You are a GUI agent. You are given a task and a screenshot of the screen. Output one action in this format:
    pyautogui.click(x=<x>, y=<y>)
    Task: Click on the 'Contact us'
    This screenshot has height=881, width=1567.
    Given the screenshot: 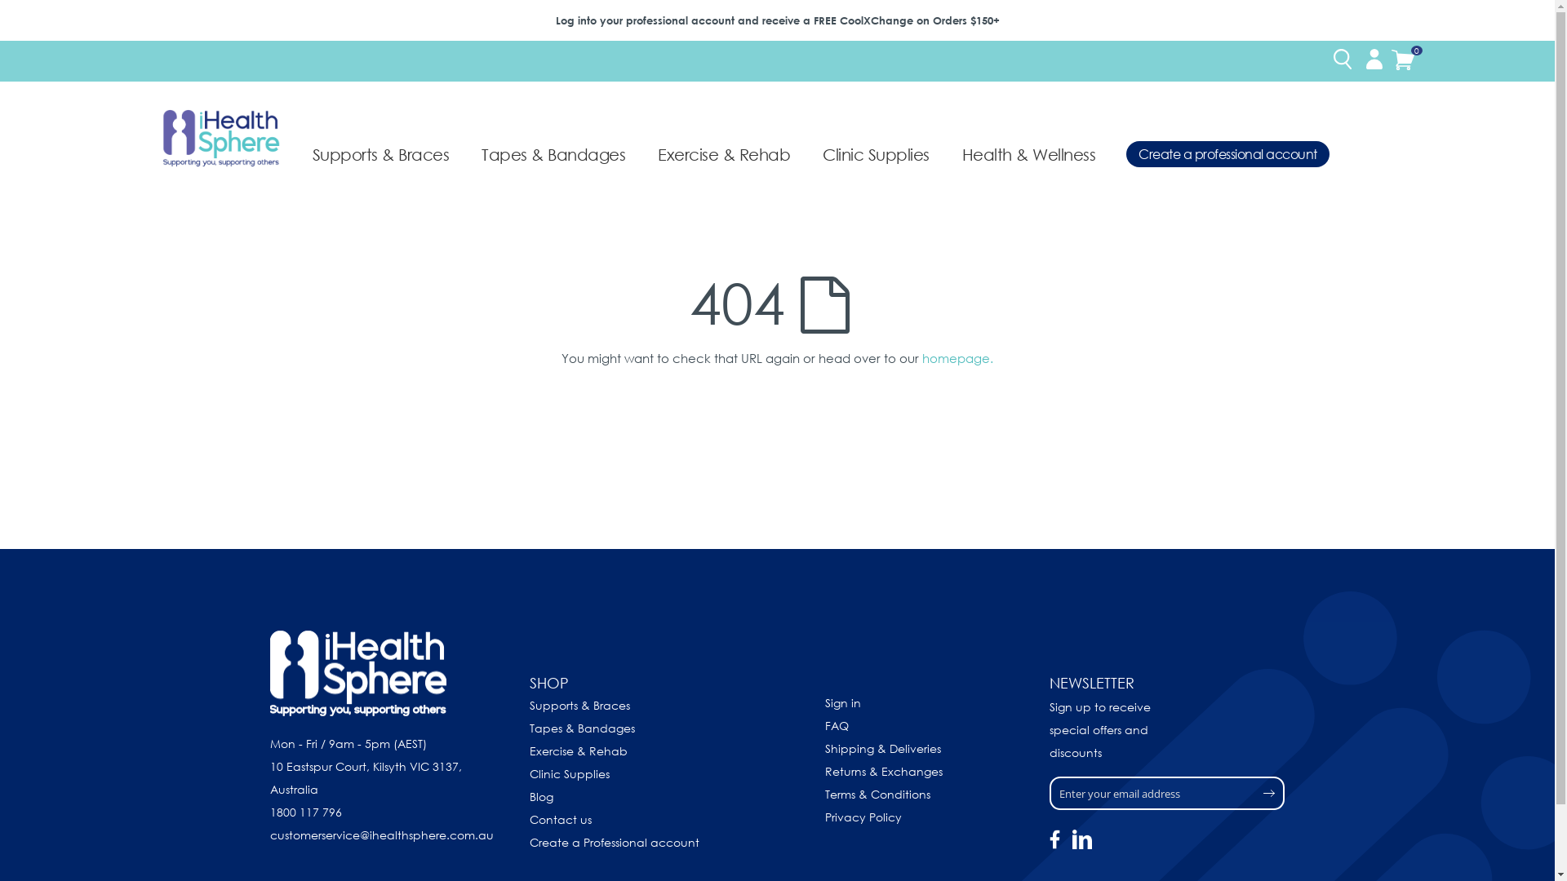 What is the action you would take?
    pyautogui.click(x=560, y=819)
    